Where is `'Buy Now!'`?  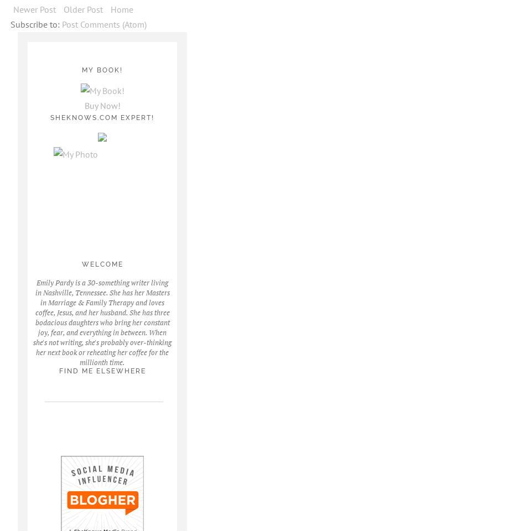
'Buy Now!' is located at coordinates (101, 106).